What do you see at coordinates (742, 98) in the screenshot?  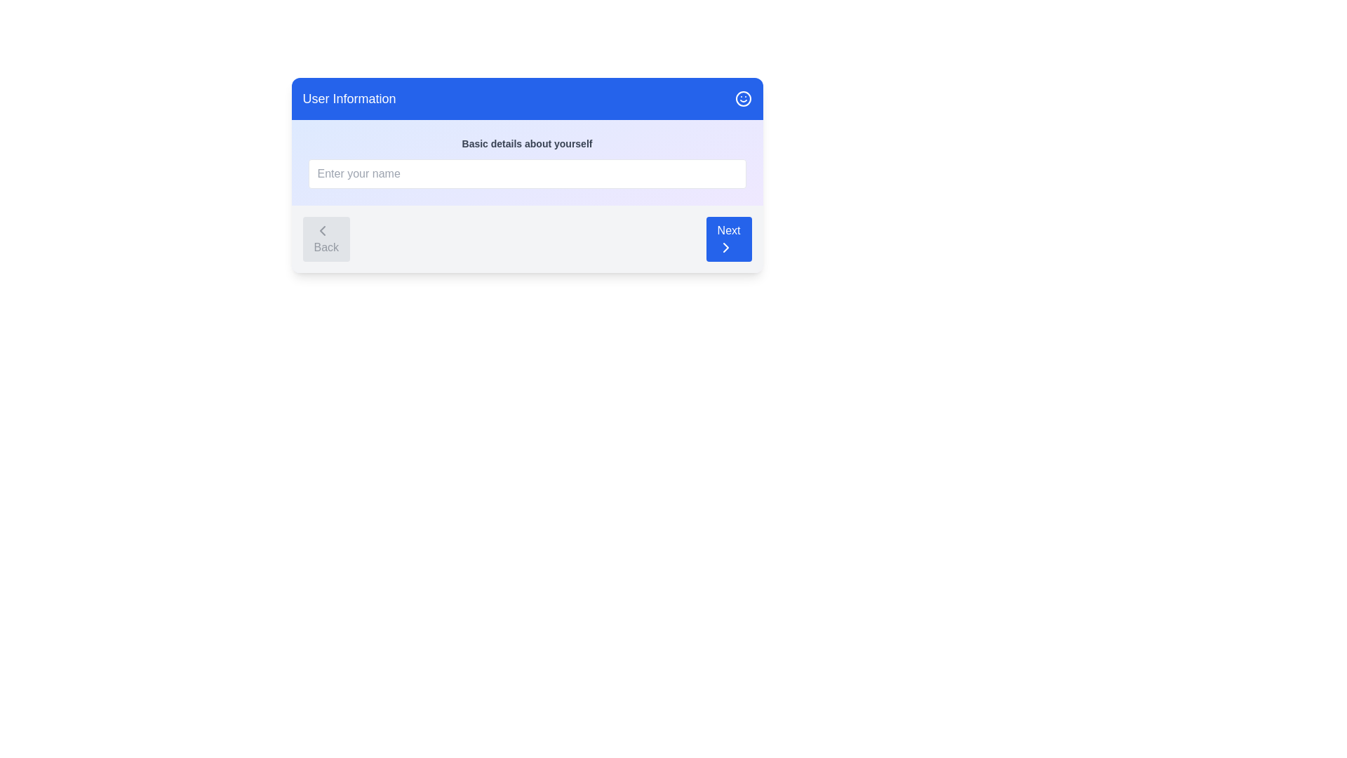 I see `the smiley icon in the header` at bounding box center [742, 98].